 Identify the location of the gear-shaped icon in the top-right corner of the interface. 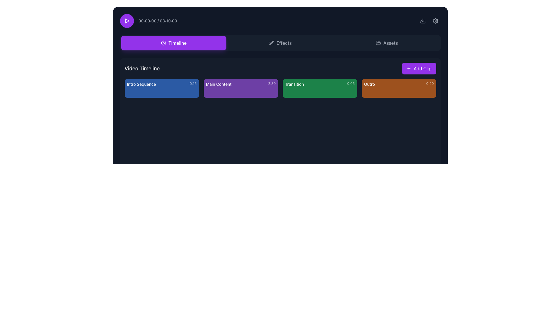
(435, 21).